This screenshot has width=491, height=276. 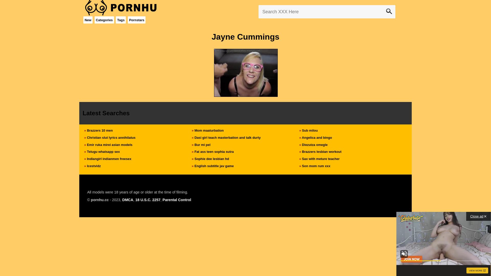 I want to click on 'Tags', so click(x=120, y=20).